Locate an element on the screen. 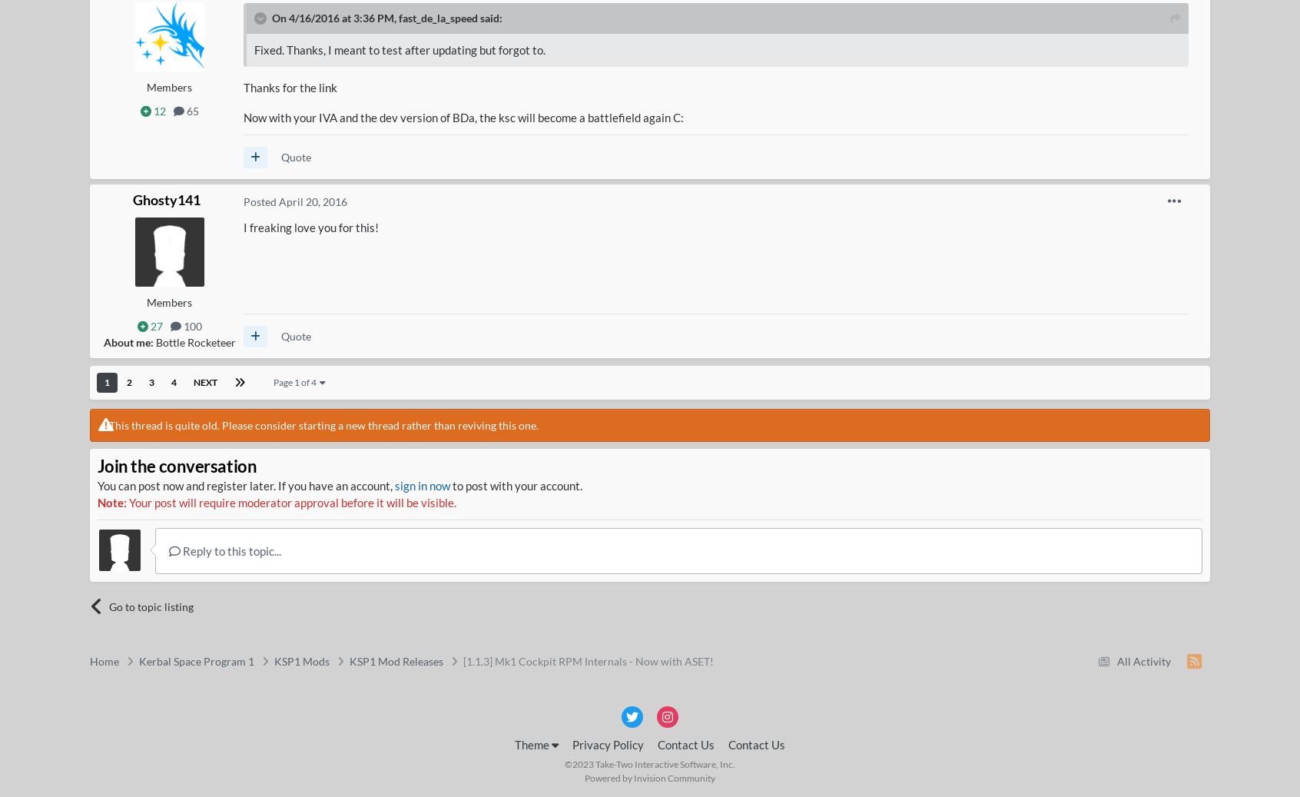 Image resolution: width=1300 pixels, height=797 pixels. 'This thread is quite old. Please consider starting a new thread rather than reviving this one.' is located at coordinates (323, 425).